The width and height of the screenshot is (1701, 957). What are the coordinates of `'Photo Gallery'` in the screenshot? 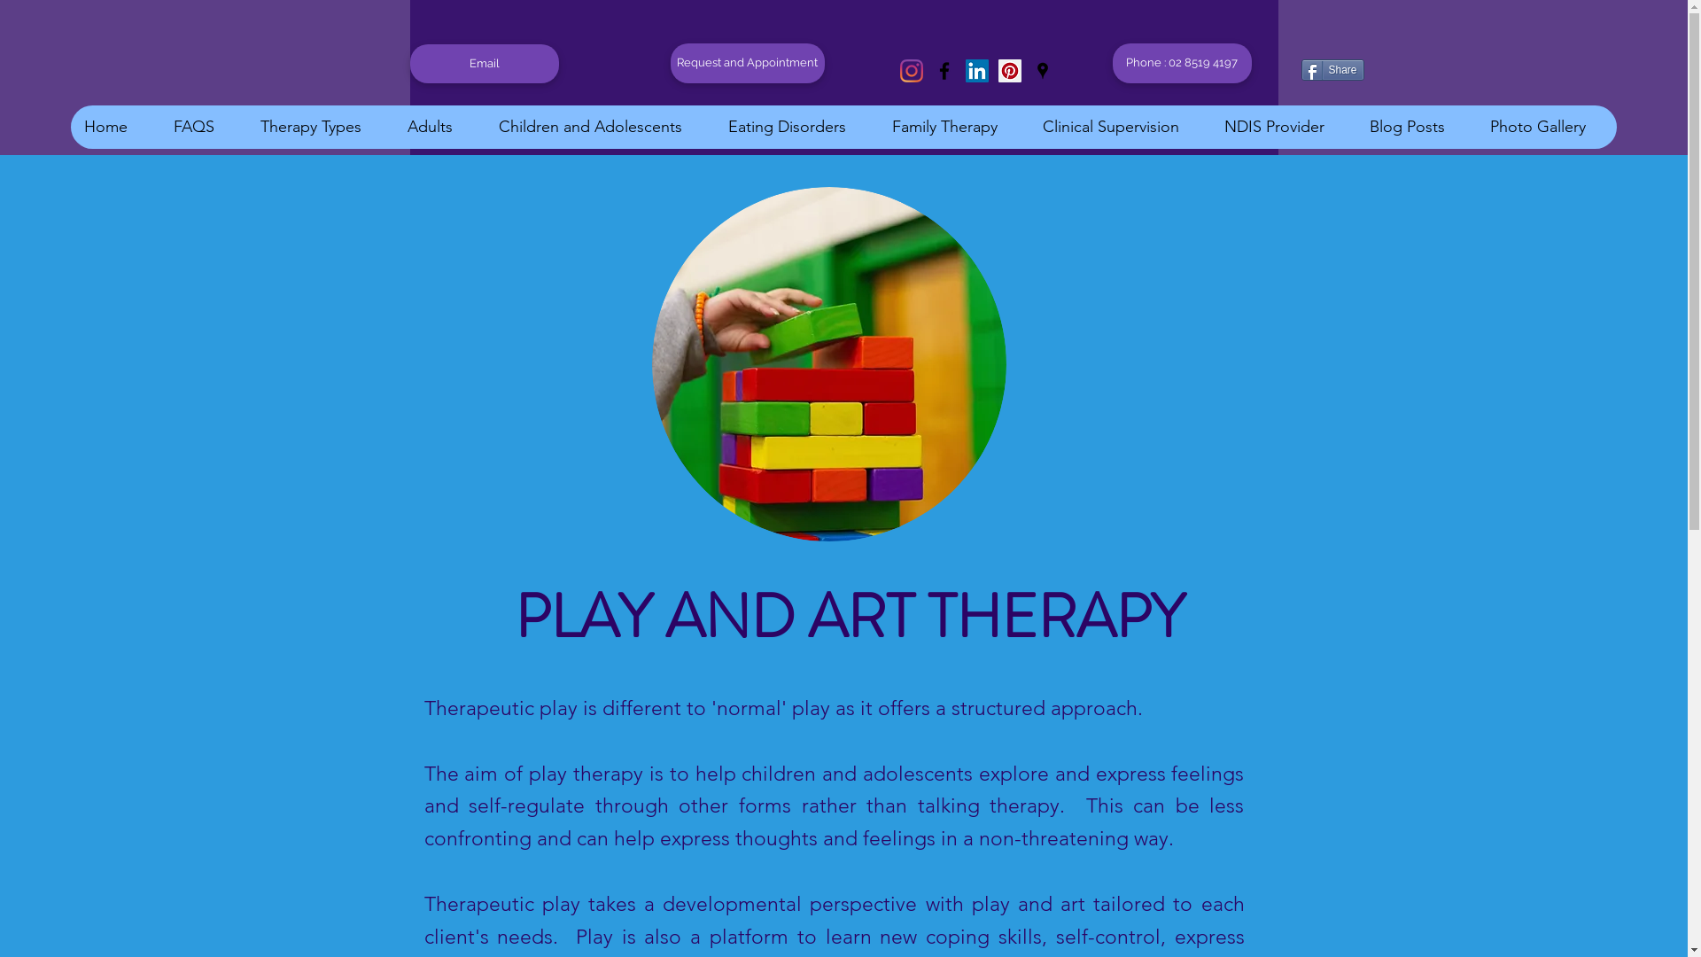 It's located at (1545, 126).